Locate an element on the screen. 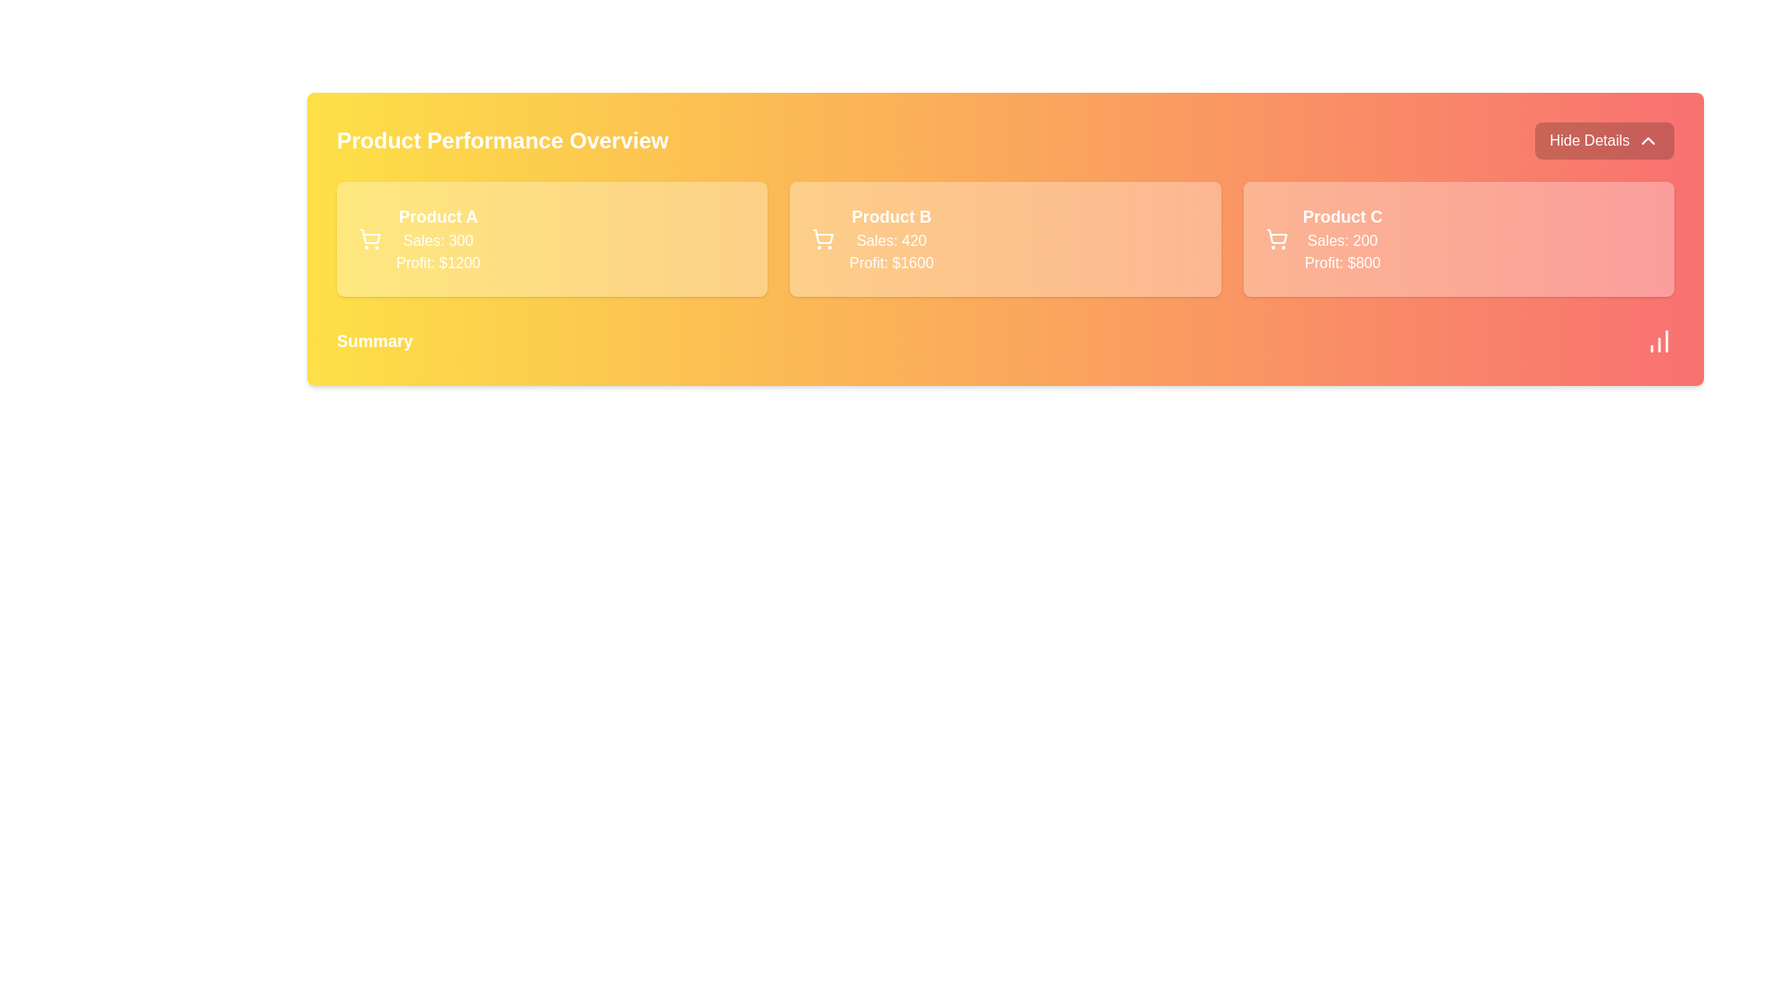 This screenshot has height=1002, width=1782. the text label displaying 'Profit: $800' in white font on an orange background, situated beneath 'Sales: 200' in the 'Product C' card is located at coordinates (1342, 263).